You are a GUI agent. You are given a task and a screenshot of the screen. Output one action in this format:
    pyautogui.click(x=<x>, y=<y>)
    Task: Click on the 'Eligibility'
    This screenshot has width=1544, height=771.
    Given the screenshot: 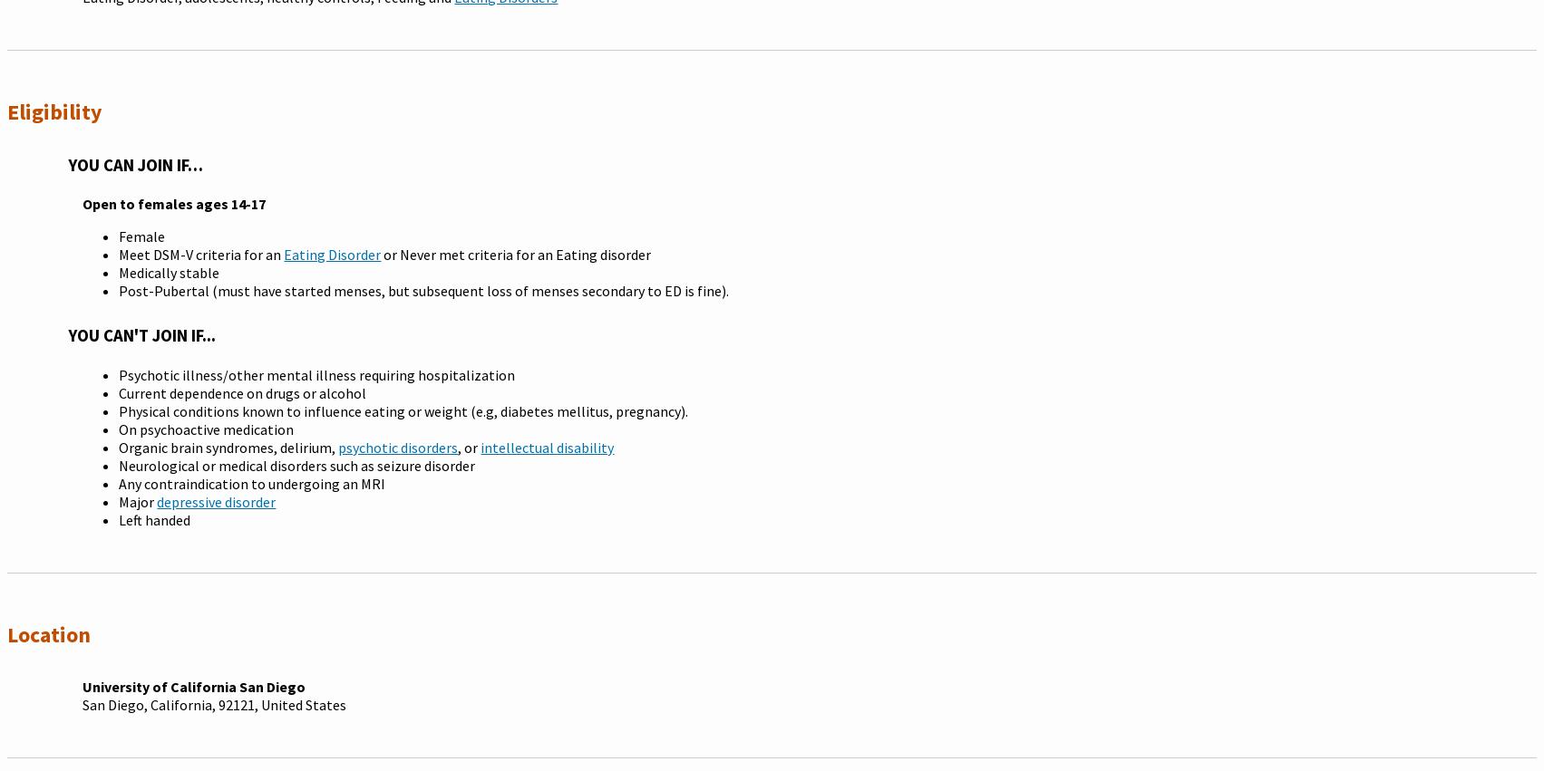 What is the action you would take?
    pyautogui.click(x=54, y=111)
    